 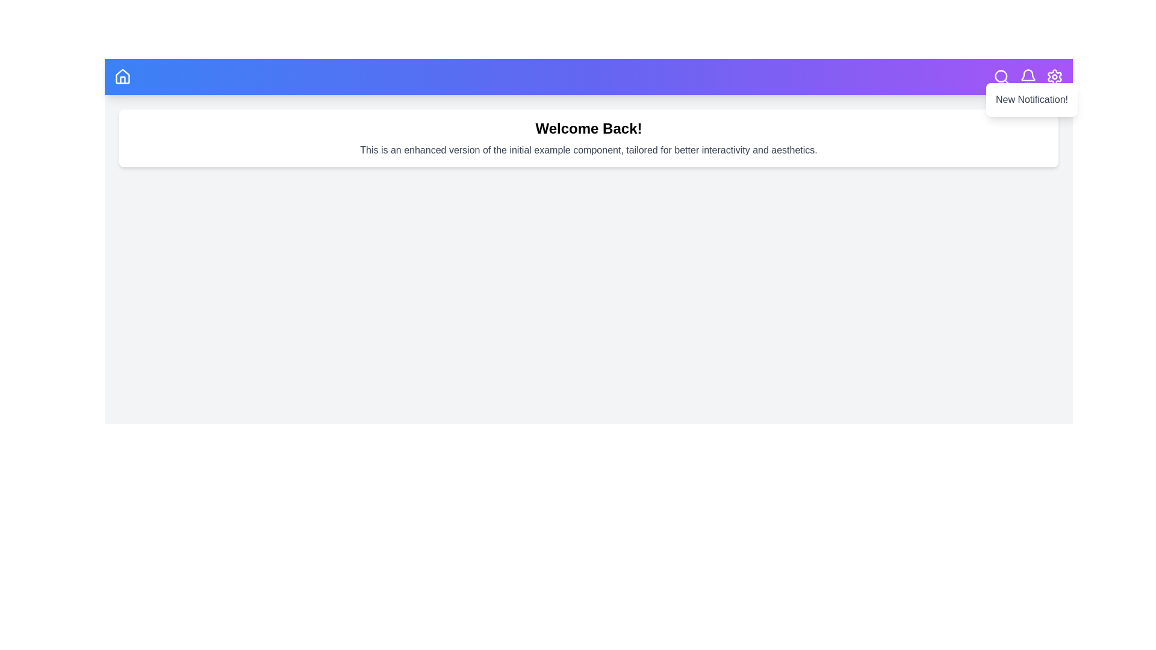 What do you see at coordinates (589, 150) in the screenshot?
I see `the descriptive paragraph under the heading` at bounding box center [589, 150].